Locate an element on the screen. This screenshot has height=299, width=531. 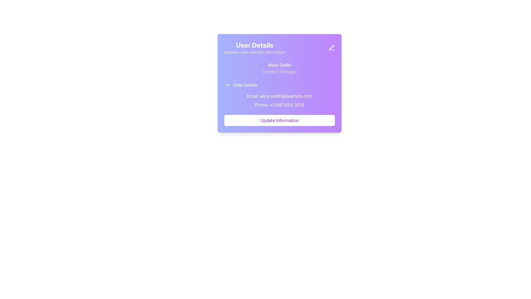
the header text element titled 'User Details' which is styled with bold white text and located at the top of the purple gradient panel is located at coordinates (254, 48).